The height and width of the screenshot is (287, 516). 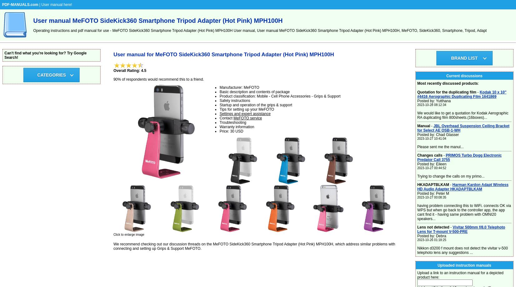 I want to click on 'Posted by: Yutthana', so click(x=434, y=101).